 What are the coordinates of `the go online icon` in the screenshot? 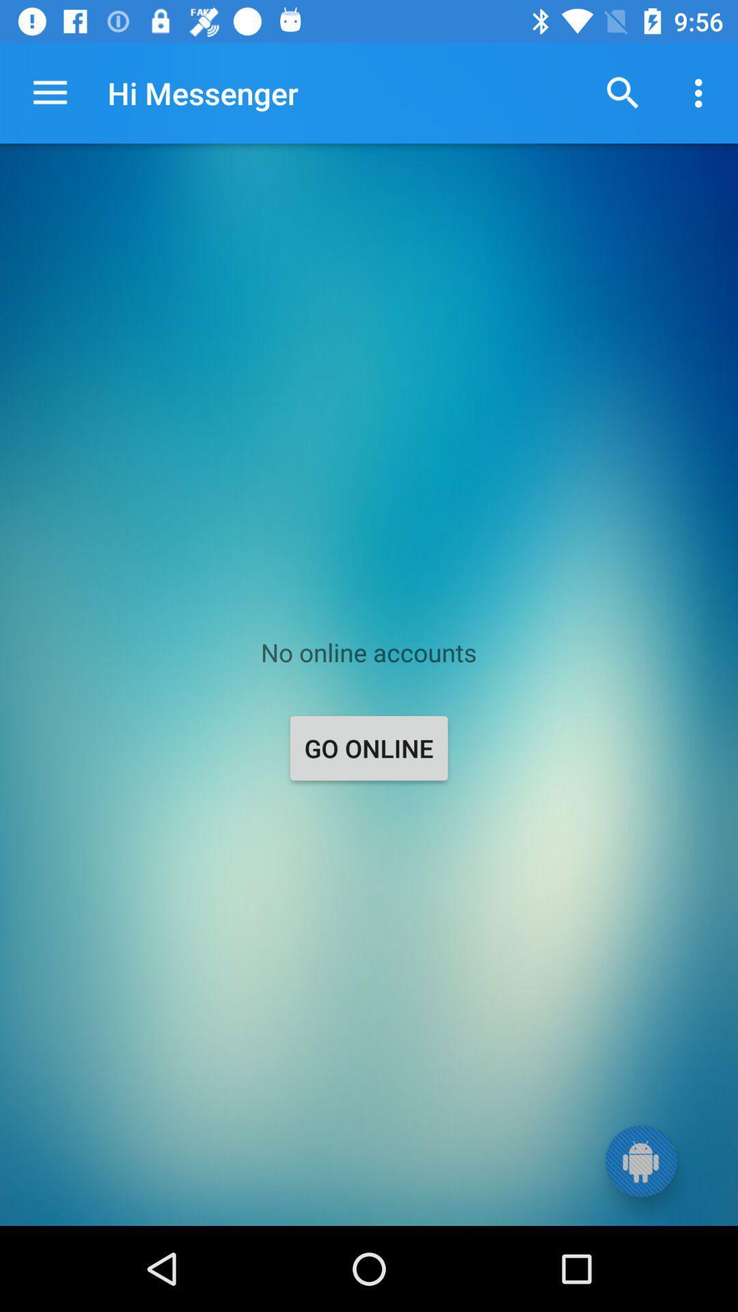 It's located at (369, 747).